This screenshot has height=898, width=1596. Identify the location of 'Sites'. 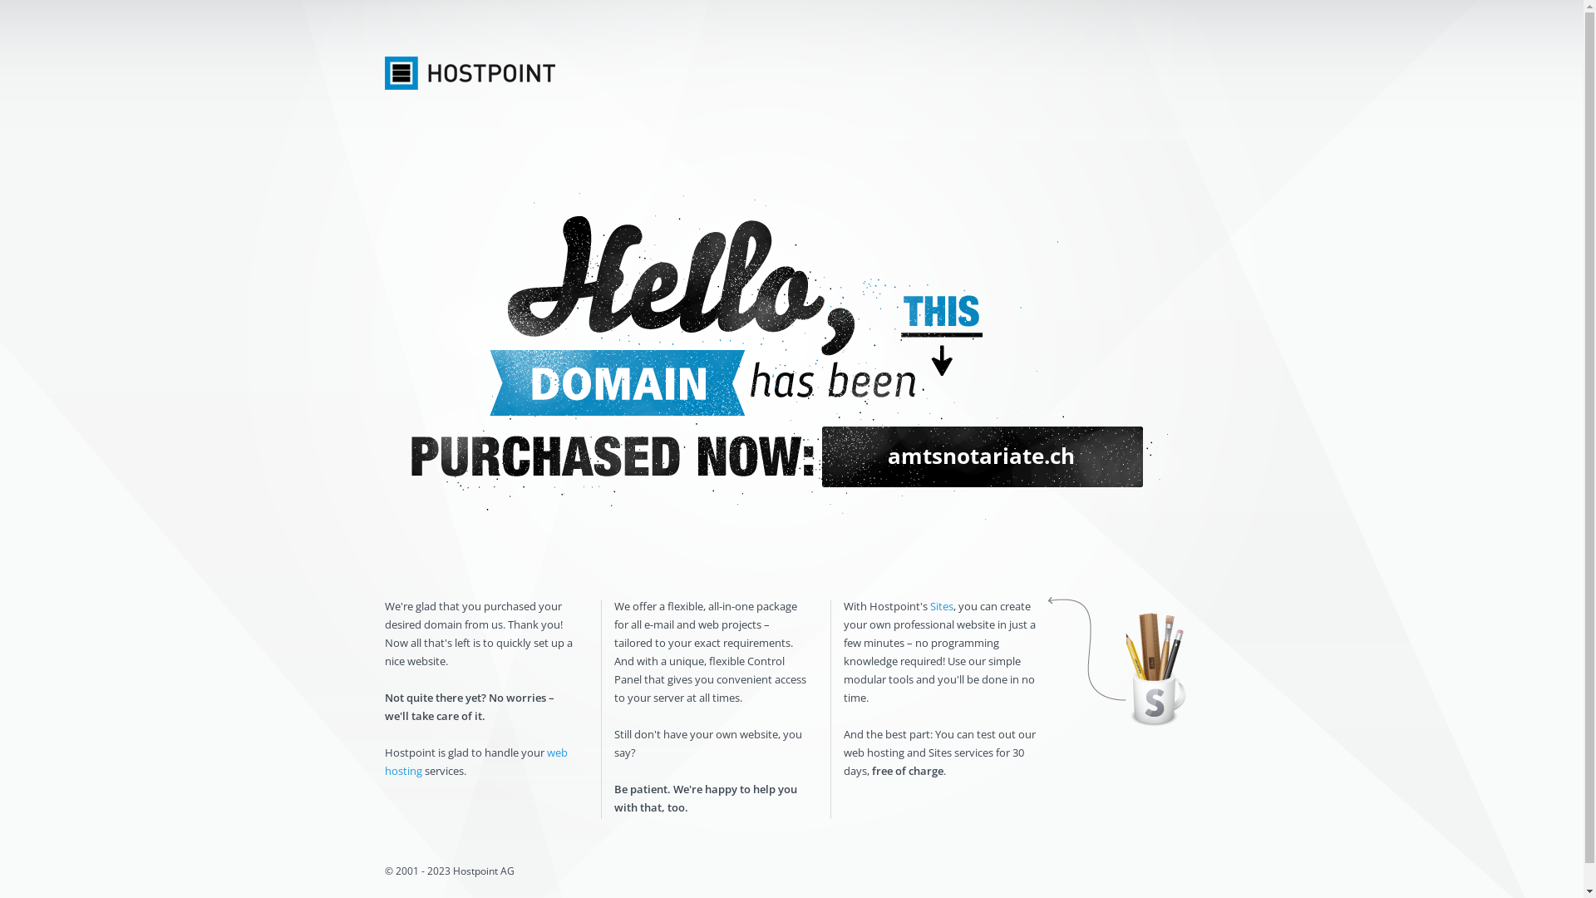
(941, 606).